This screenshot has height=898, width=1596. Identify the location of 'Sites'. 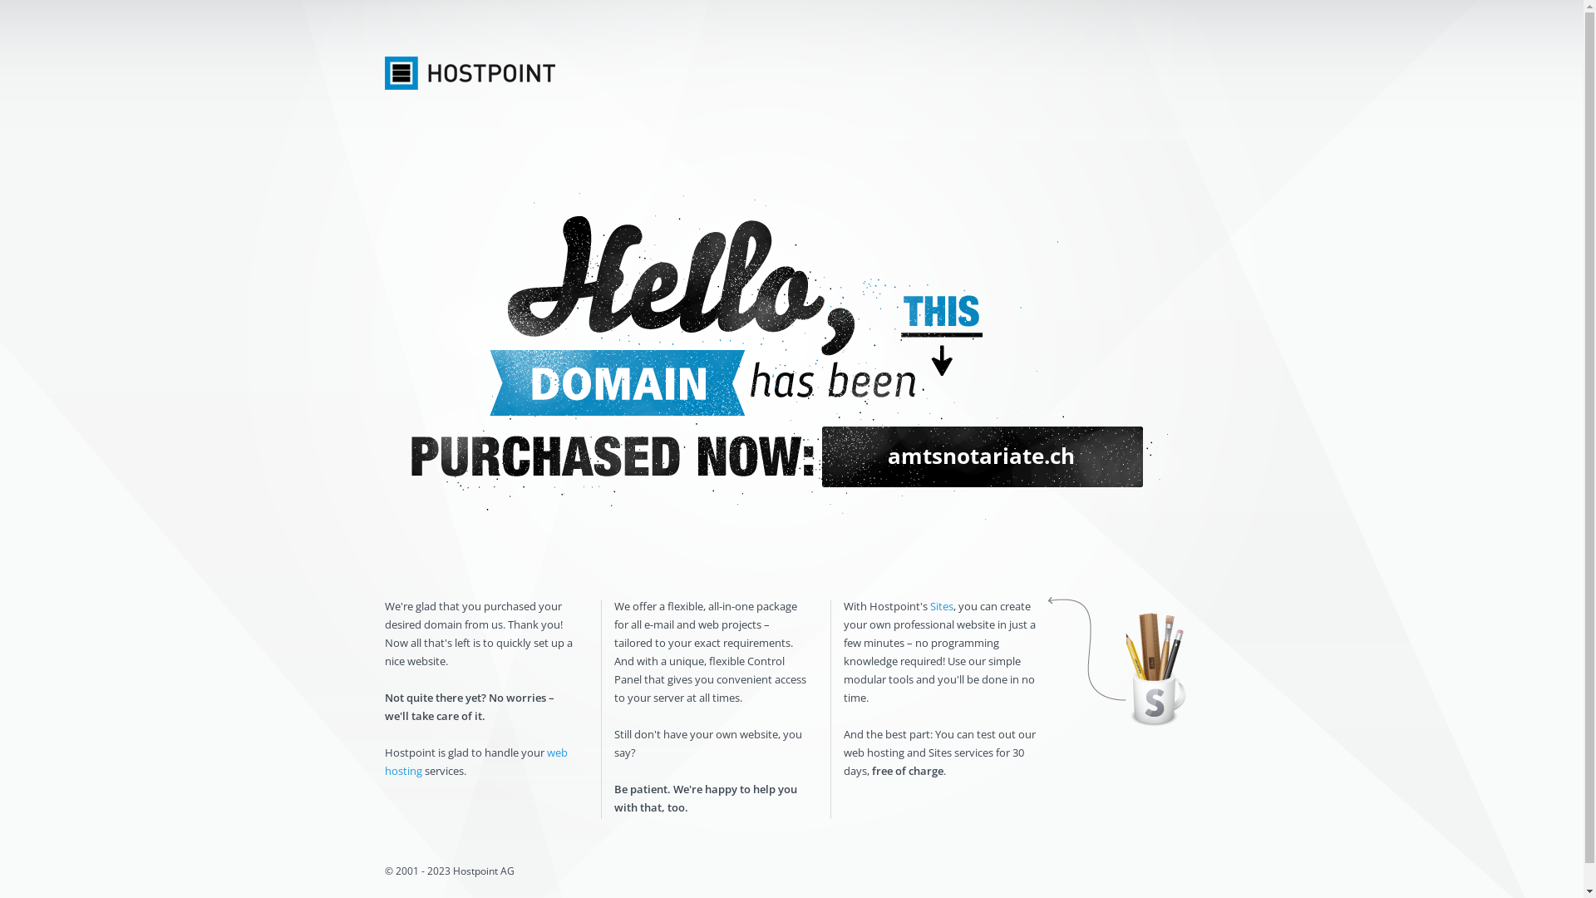
(941, 606).